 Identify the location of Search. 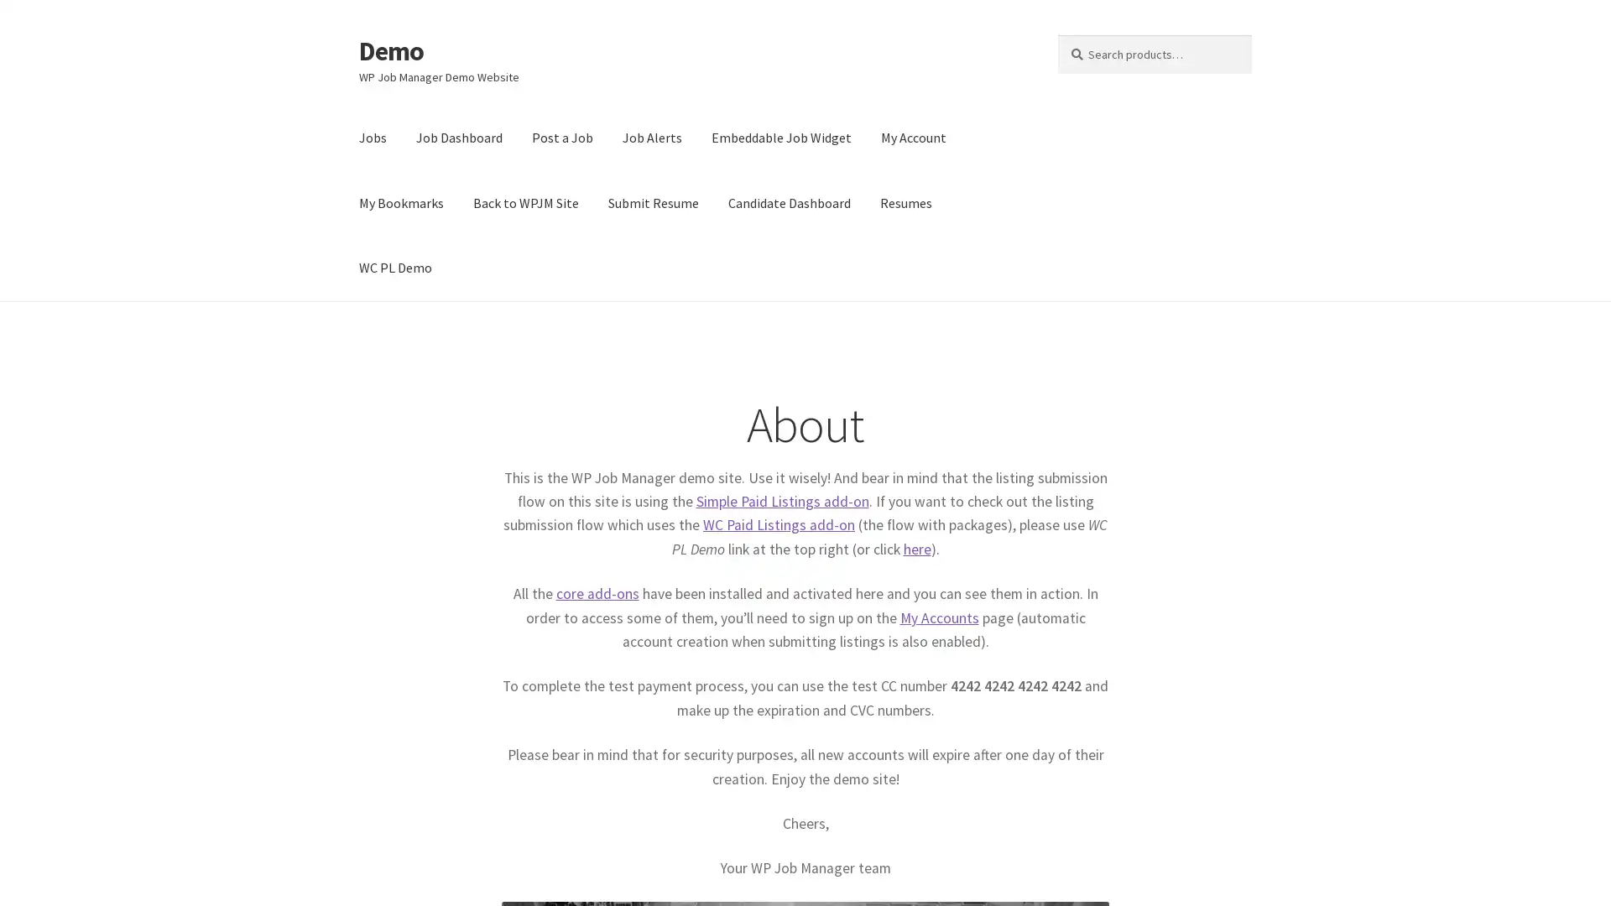
(1056, 34).